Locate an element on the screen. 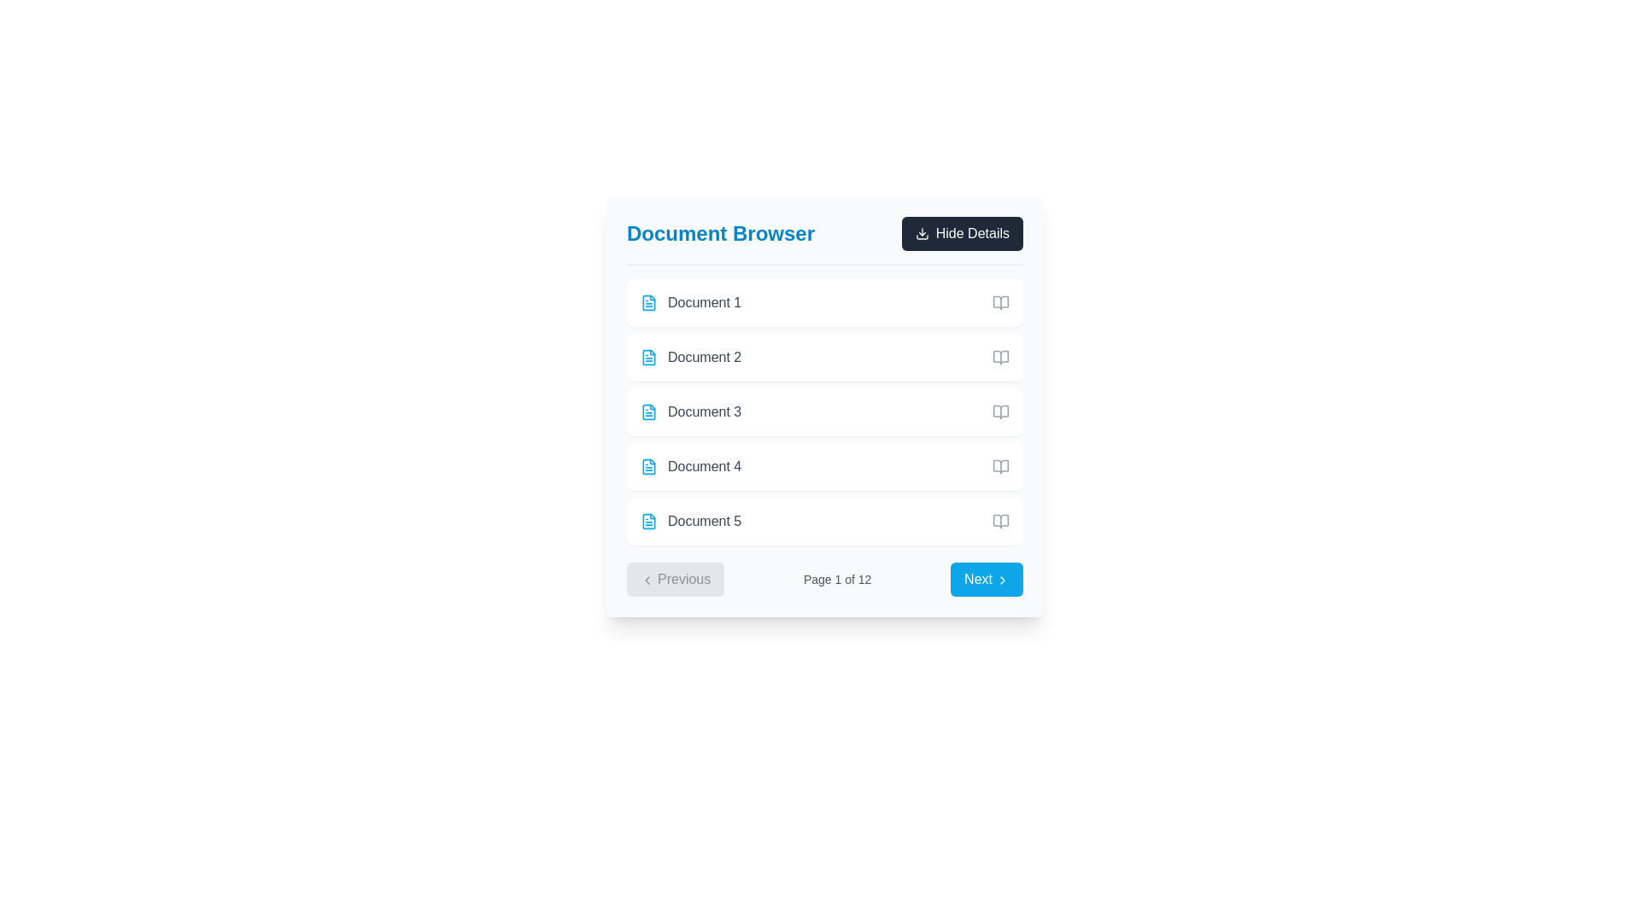 The width and height of the screenshot is (1640, 922). the list item representing 'Document 5' is located at coordinates (691, 520).